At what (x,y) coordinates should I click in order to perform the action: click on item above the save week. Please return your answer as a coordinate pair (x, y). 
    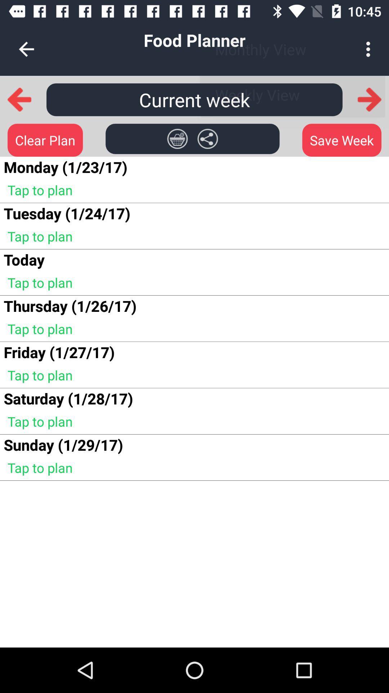
    Looking at the image, I should click on (370, 99).